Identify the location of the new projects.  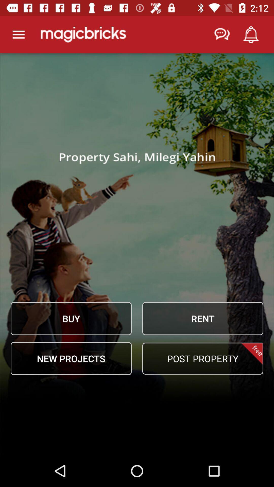
(71, 358).